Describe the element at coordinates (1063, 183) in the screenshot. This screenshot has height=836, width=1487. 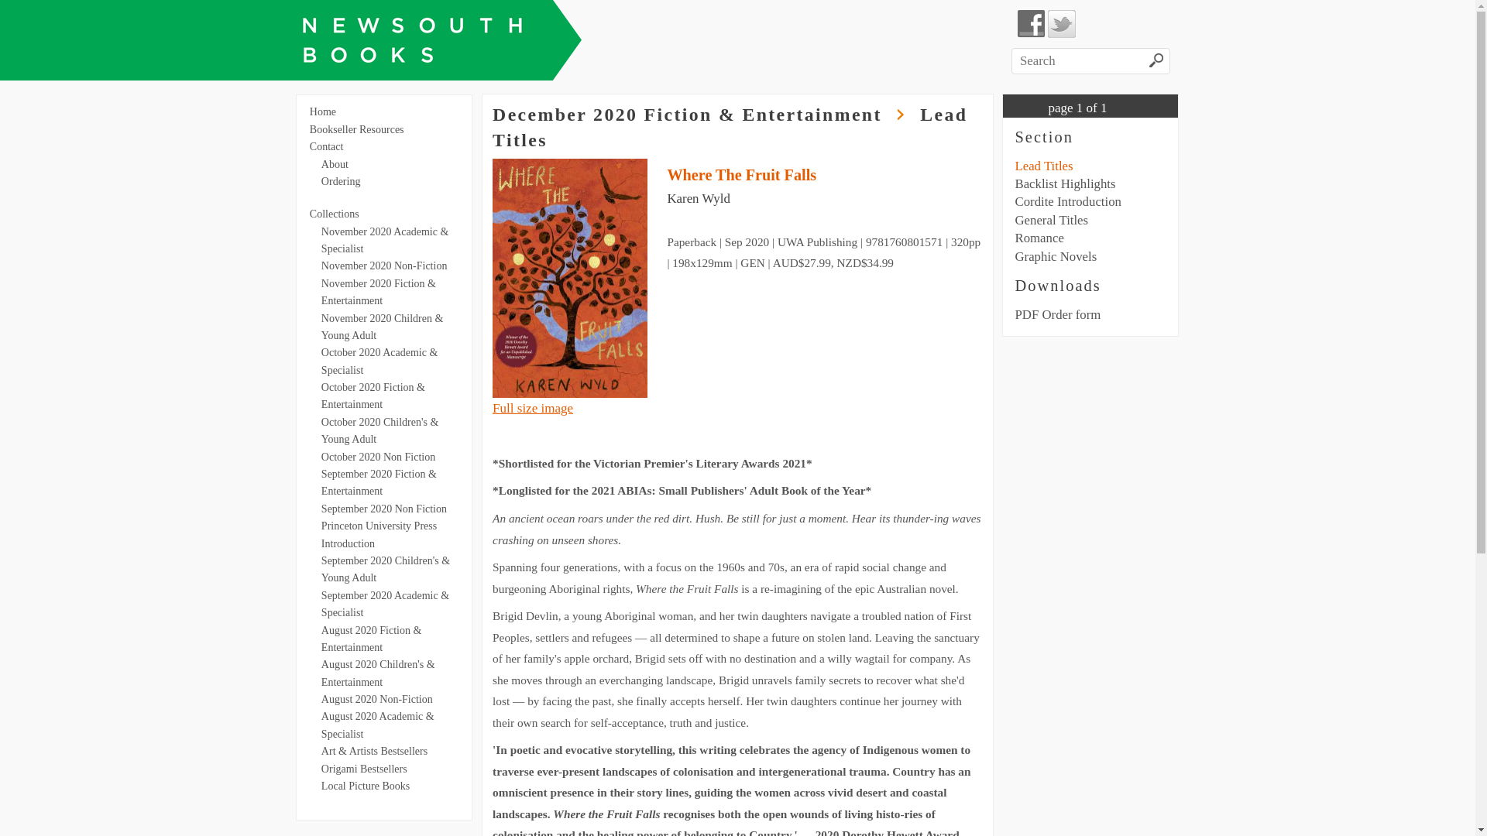
I see `'Backlist Highlights'` at that location.